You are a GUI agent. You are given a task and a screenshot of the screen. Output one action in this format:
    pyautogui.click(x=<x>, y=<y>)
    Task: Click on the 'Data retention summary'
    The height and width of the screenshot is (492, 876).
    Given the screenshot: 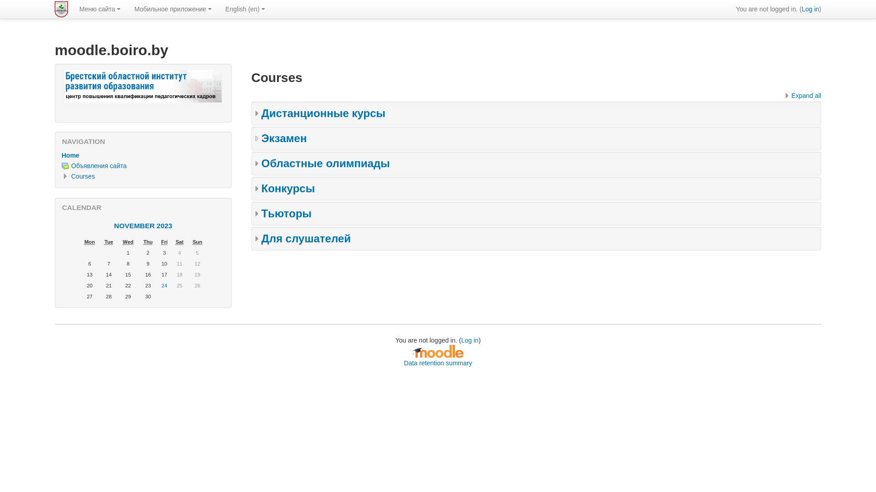 What is the action you would take?
    pyautogui.click(x=437, y=363)
    